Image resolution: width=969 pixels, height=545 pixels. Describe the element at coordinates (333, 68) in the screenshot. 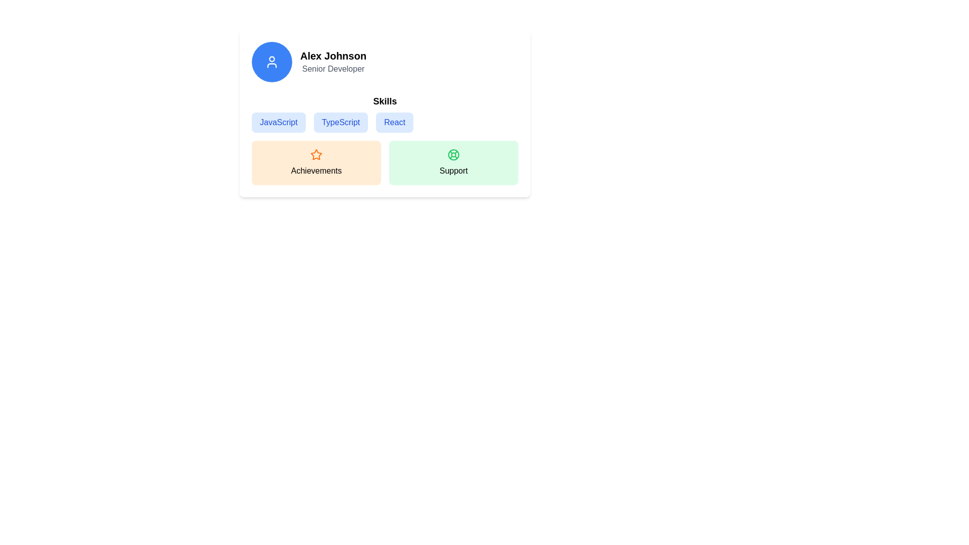

I see `the text label displaying the job title or role of the individual, which is located below the name 'Alex Johnson' within a card structure` at that location.